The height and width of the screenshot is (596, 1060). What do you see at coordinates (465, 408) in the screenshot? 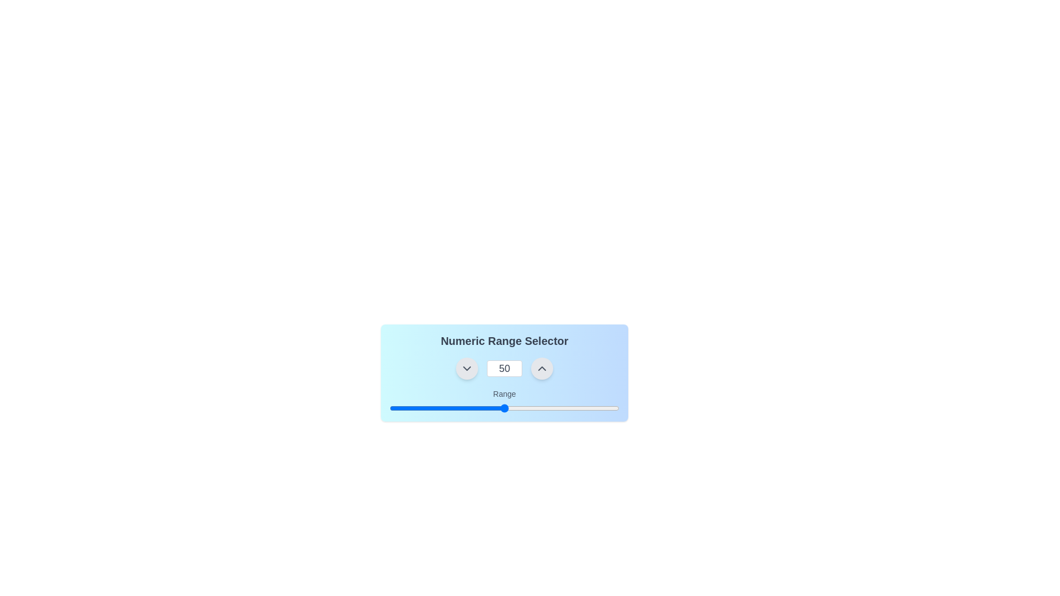
I see `the slider` at bounding box center [465, 408].